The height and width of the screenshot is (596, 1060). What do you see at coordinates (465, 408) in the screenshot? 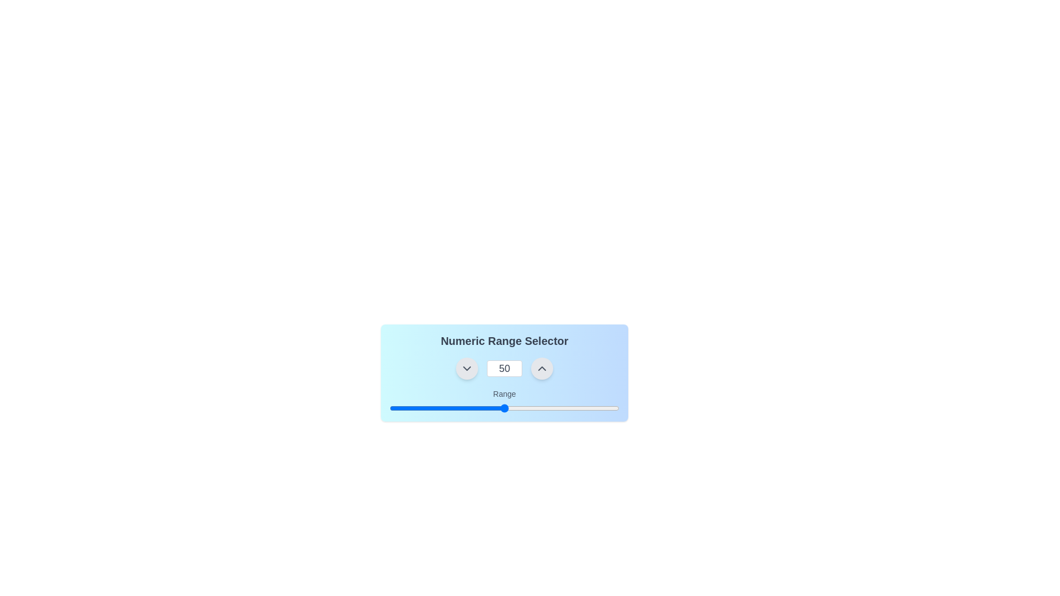
I see `the slider` at bounding box center [465, 408].